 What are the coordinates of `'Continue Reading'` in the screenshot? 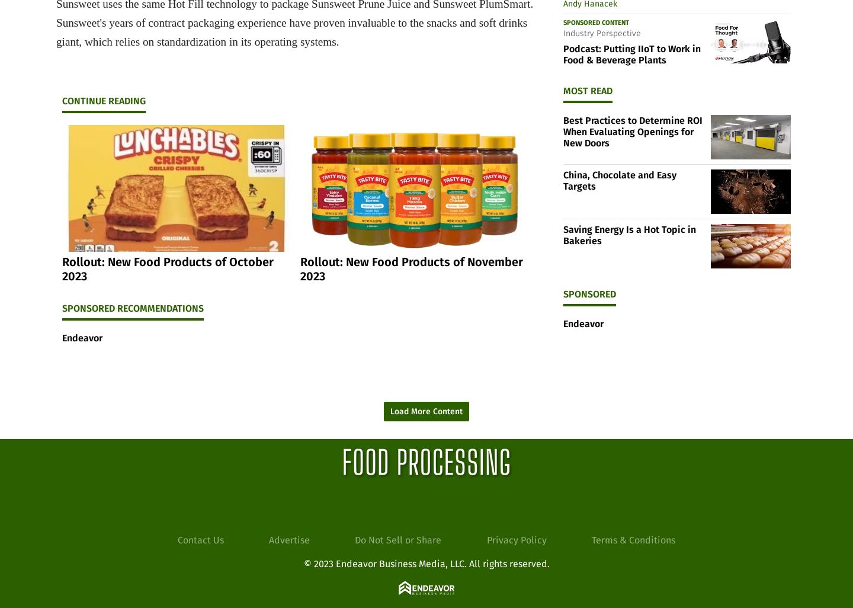 It's located at (103, 100).